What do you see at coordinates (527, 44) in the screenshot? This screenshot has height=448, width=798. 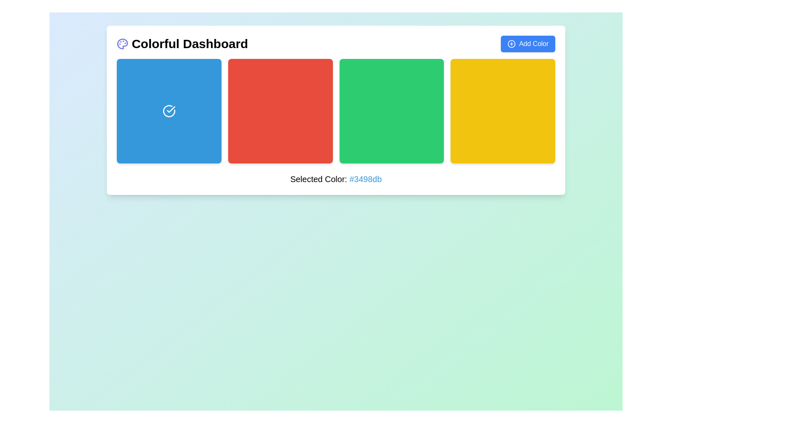 I see `the button located in the header section titled 'Colorful Dashboard' at the top right corner` at bounding box center [527, 44].